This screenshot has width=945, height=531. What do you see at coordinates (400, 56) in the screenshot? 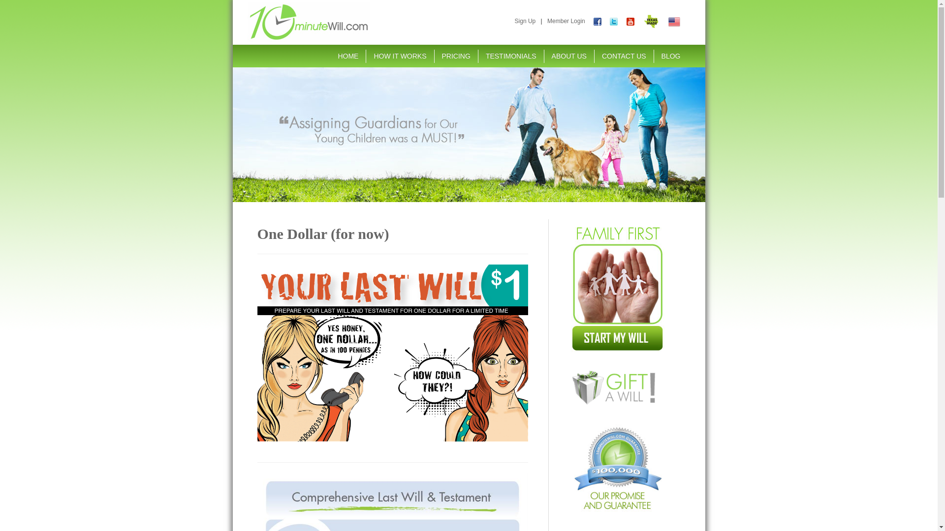
I see `'HOW IT WORKS'` at bounding box center [400, 56].